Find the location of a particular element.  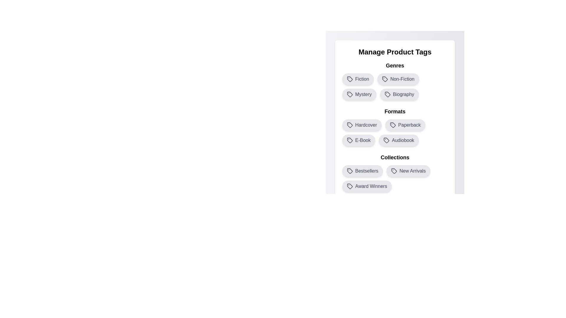

the button for selecting or toggling the 'Audiobook' tag located in the 'Formats' section of the 'Manage Product Tags' interface is located at coordinates (399, 140).